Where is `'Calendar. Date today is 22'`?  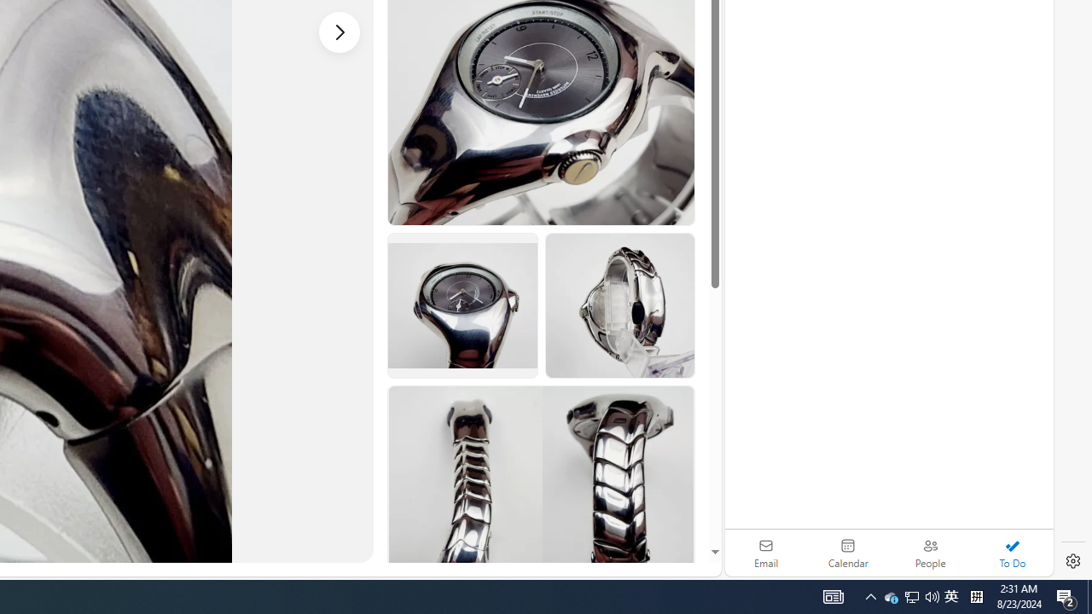
'Calendar. Date today is 22' is located at coordinates (848, 553).